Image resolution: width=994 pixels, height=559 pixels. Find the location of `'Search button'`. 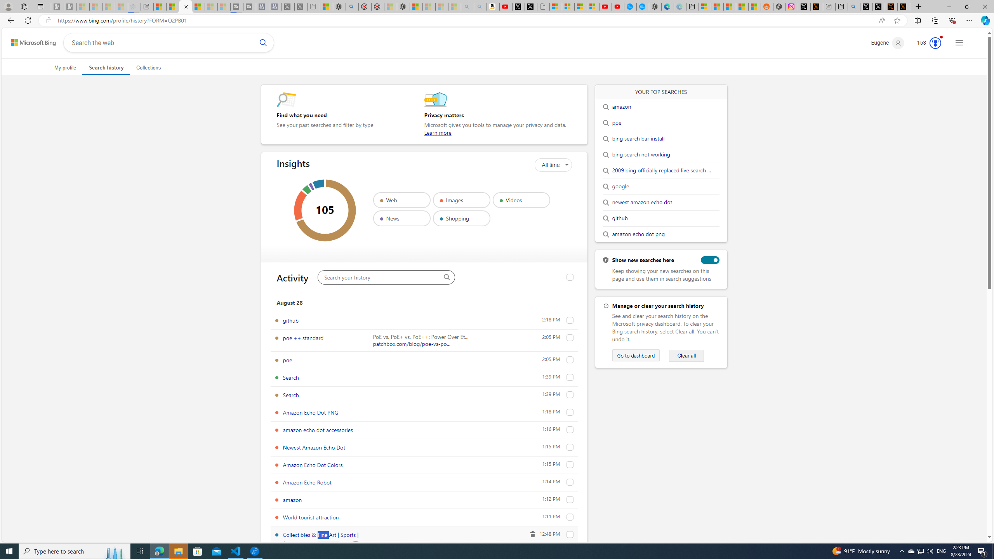

'Search button' is located at coordinates (263, 42).